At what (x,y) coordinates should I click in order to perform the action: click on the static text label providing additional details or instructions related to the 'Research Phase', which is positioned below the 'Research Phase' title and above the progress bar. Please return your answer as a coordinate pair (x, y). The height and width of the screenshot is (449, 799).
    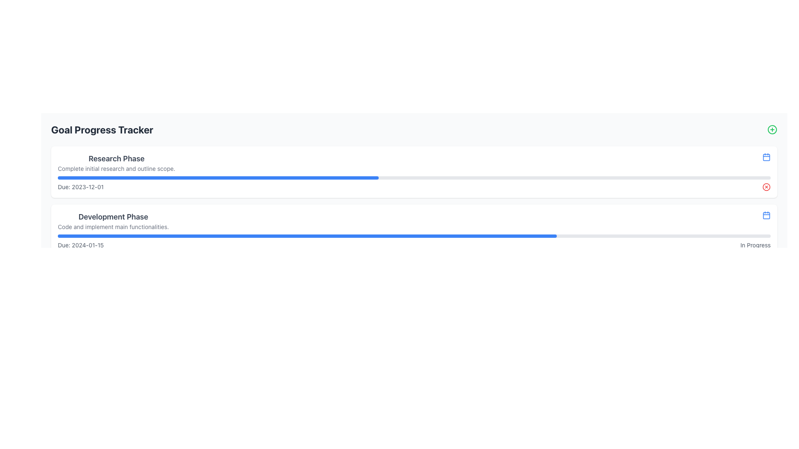
    Looking at the image, I should click on (116, 168).